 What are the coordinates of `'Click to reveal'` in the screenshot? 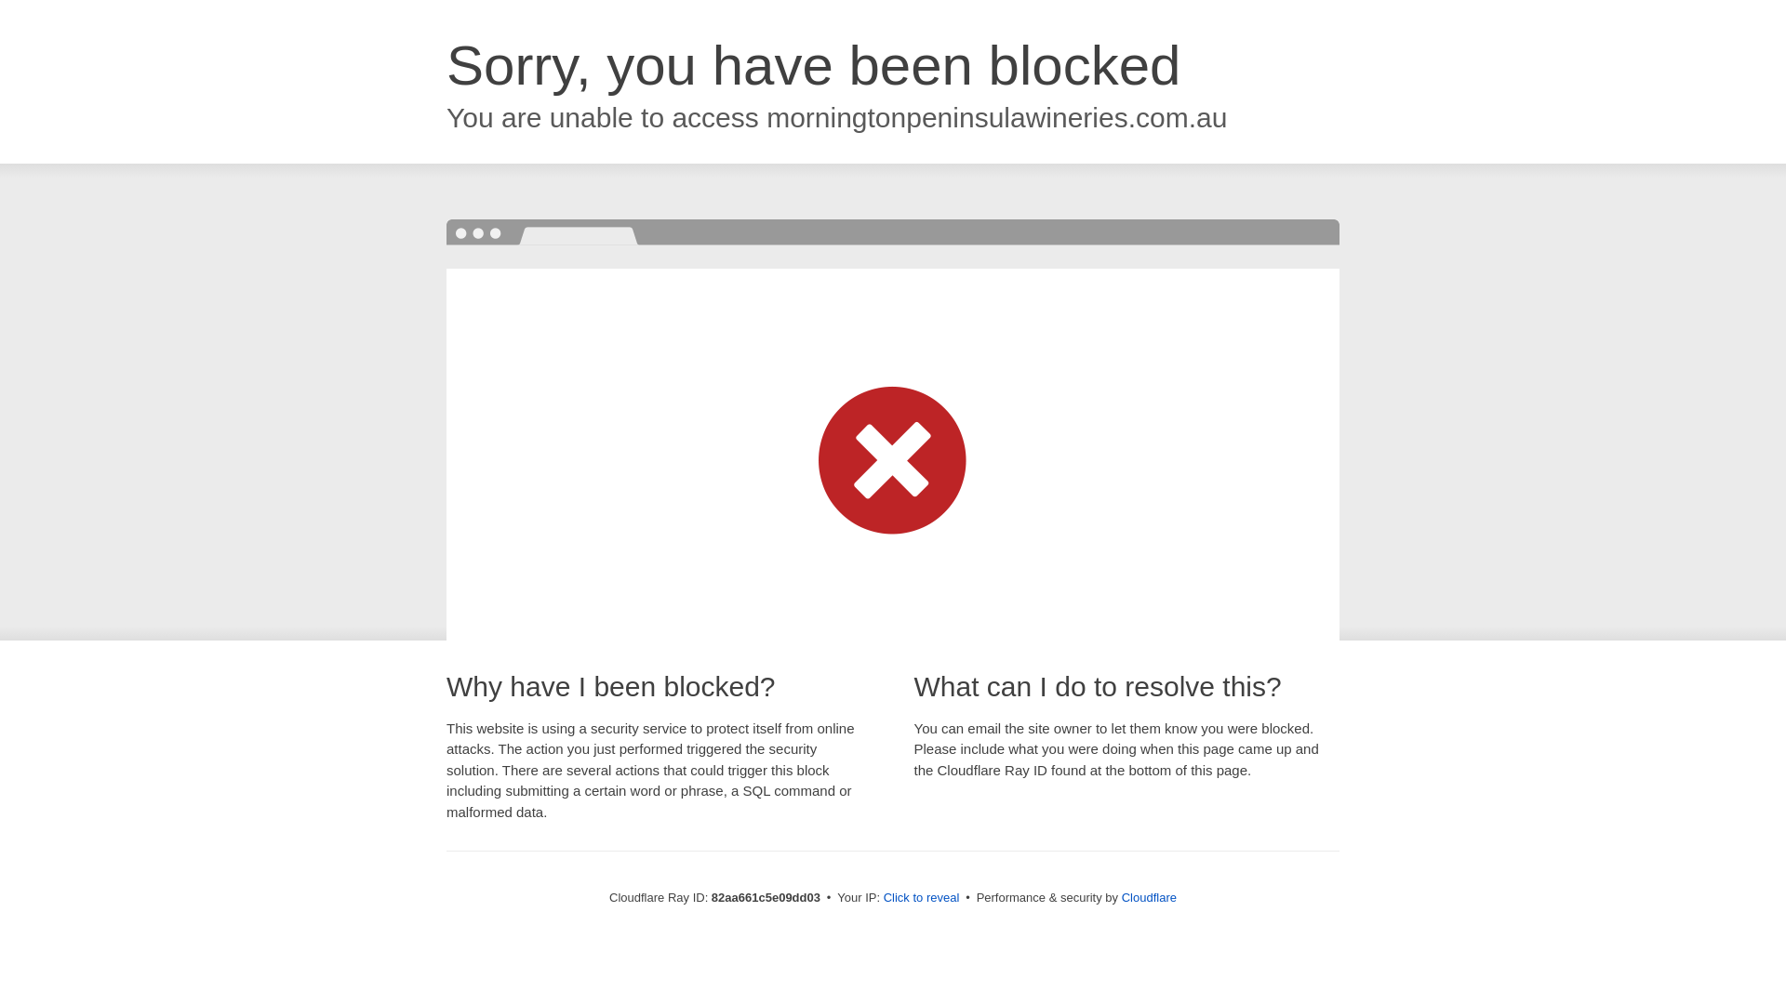 It's located at (921, 896).